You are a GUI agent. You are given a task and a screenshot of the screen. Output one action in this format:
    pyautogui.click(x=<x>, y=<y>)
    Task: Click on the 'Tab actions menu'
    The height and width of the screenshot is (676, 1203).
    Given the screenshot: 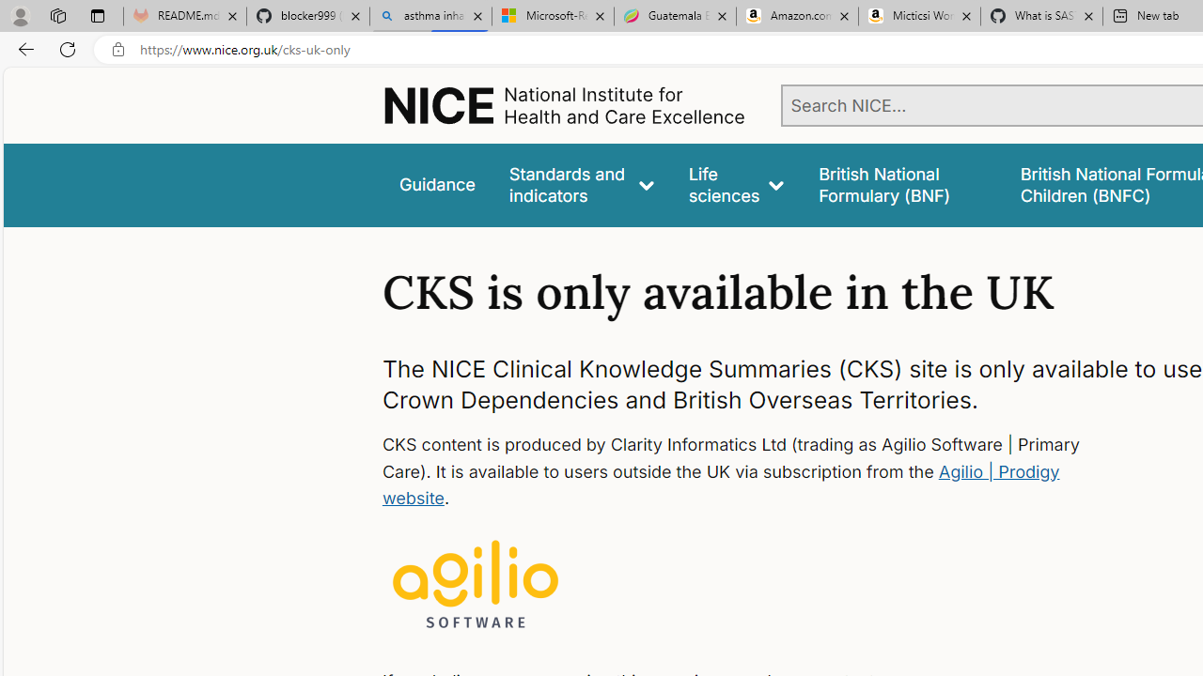 What is the action you would take?
    pyautogui.click(x=97, y=15)
    